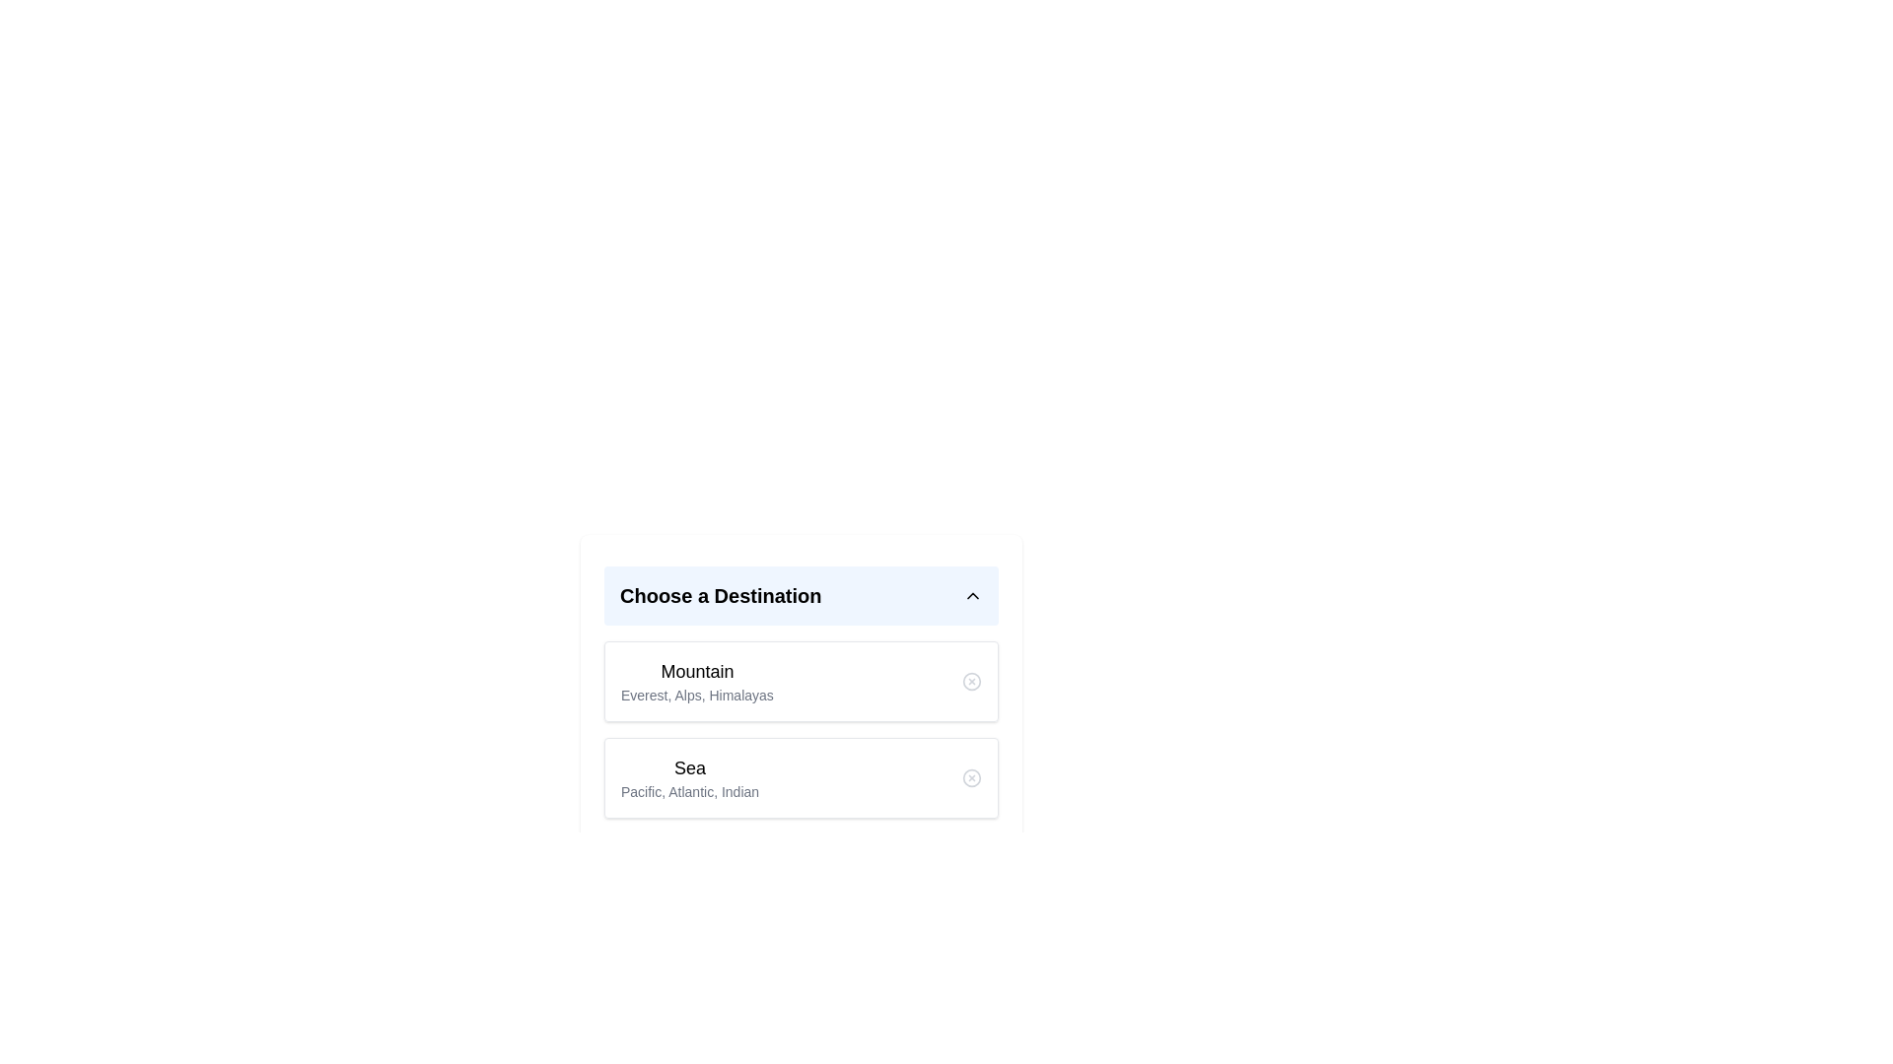 Image resolution: width=1893 pixels, height=1064 pixels. Describe the element at coordinates (971, 777) in the screenshot. I see `the circular icon button with a gray border and central 'X' mark in the upper right corner of the 'Sea' card` at that location.